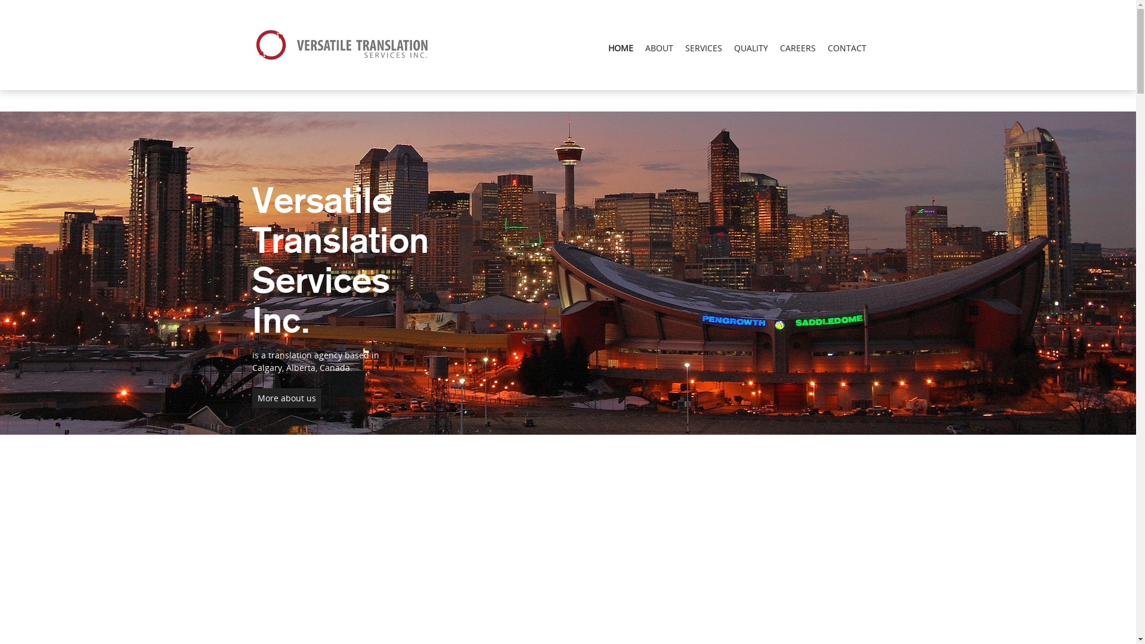 The width and height of the screenshot is (1145, 644). Describe the element at coordinates (620, 47) in the screenshot. I see `'HOME'` at that location.